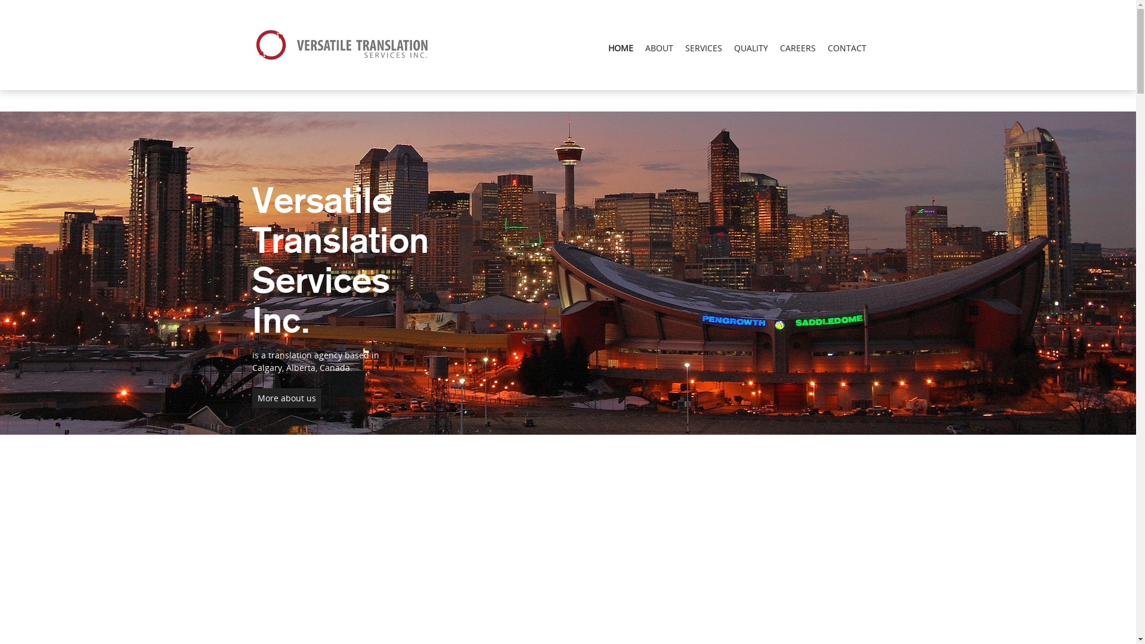 The width and height of the screenshot is (1145, 644). Describe the element at coordinates (620, 47) in the screenshot. I see `'HOME'` at that location.